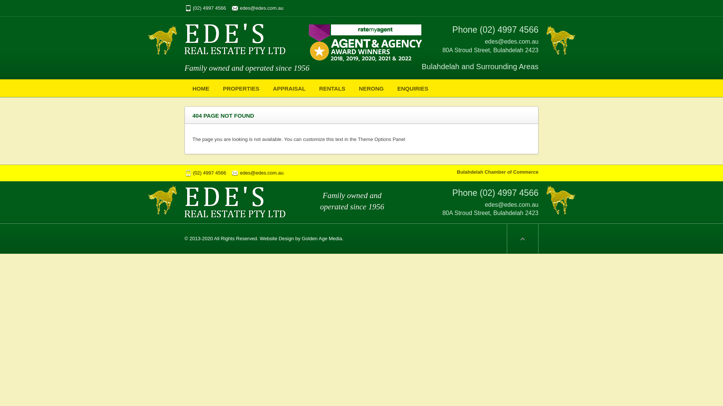 This screenshot has height=406, width=723. What do you see at coordinates (452, 29) in the screenshot?
I see `'Phone (02) 4997 4566'` at bounding box center [452, 29].